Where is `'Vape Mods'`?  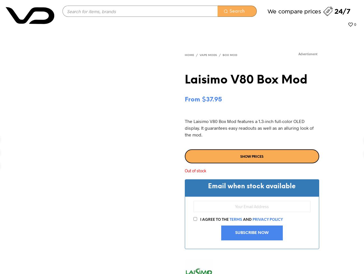 'Vape Mods' is located at coordinates (208, 55).